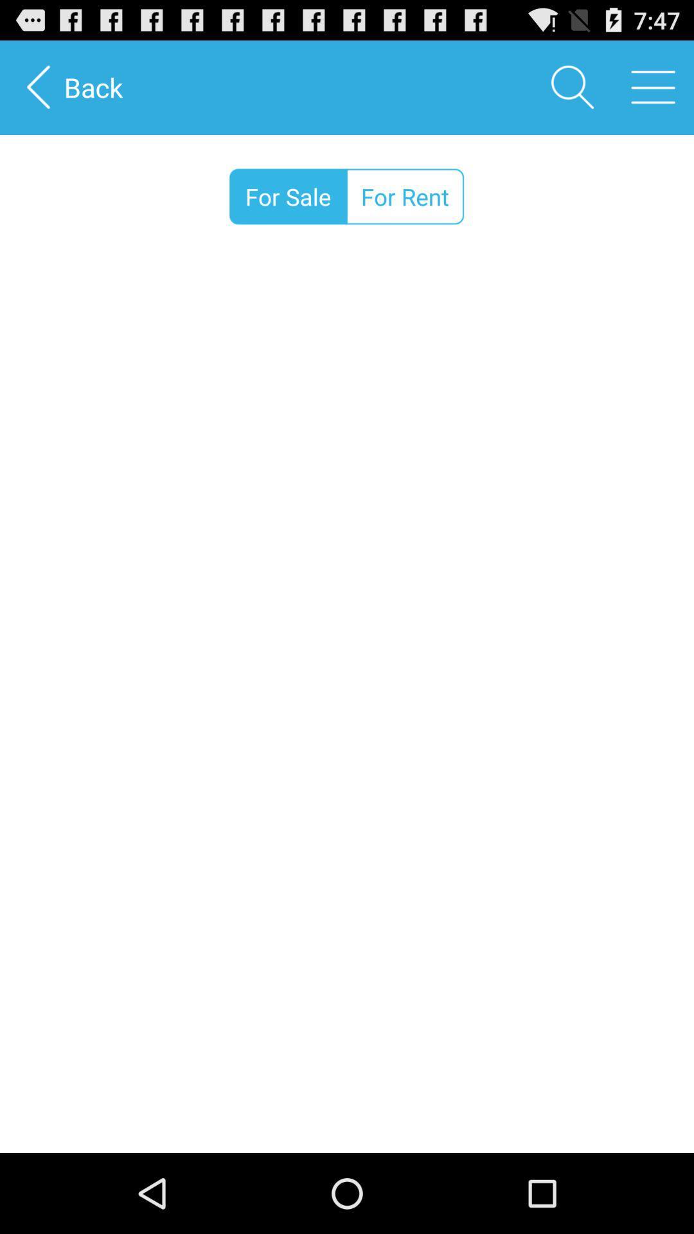 The height and width of the screenshot is (1234, 694). Describe the element at coordinates (572, 87) in the screenshot. I see `the item to the right of the back item` at that location.